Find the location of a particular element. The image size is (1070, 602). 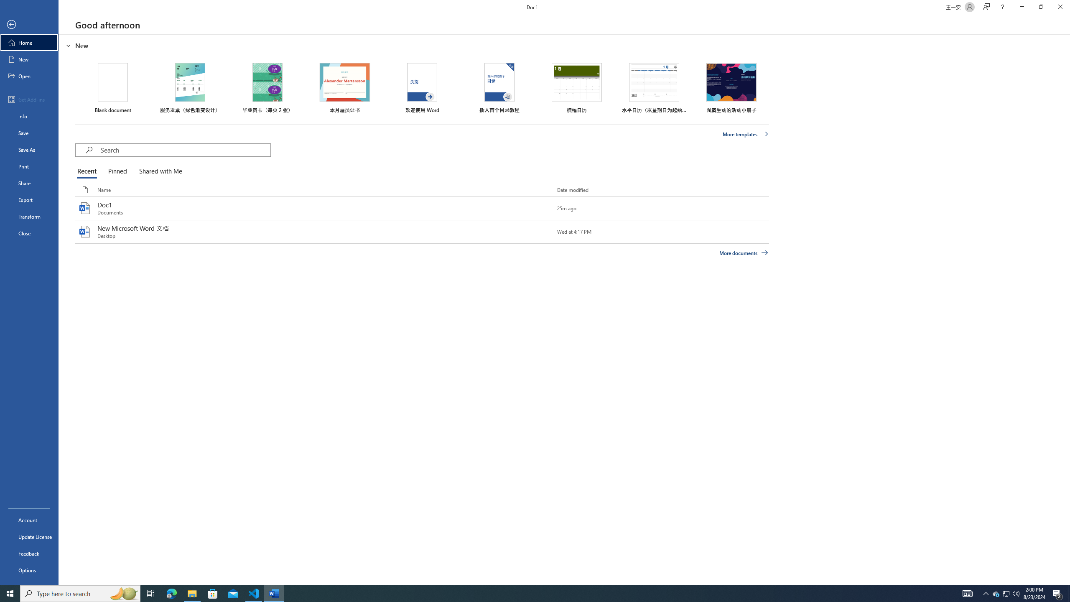

'More documents' is located at coordinates (743, 253).